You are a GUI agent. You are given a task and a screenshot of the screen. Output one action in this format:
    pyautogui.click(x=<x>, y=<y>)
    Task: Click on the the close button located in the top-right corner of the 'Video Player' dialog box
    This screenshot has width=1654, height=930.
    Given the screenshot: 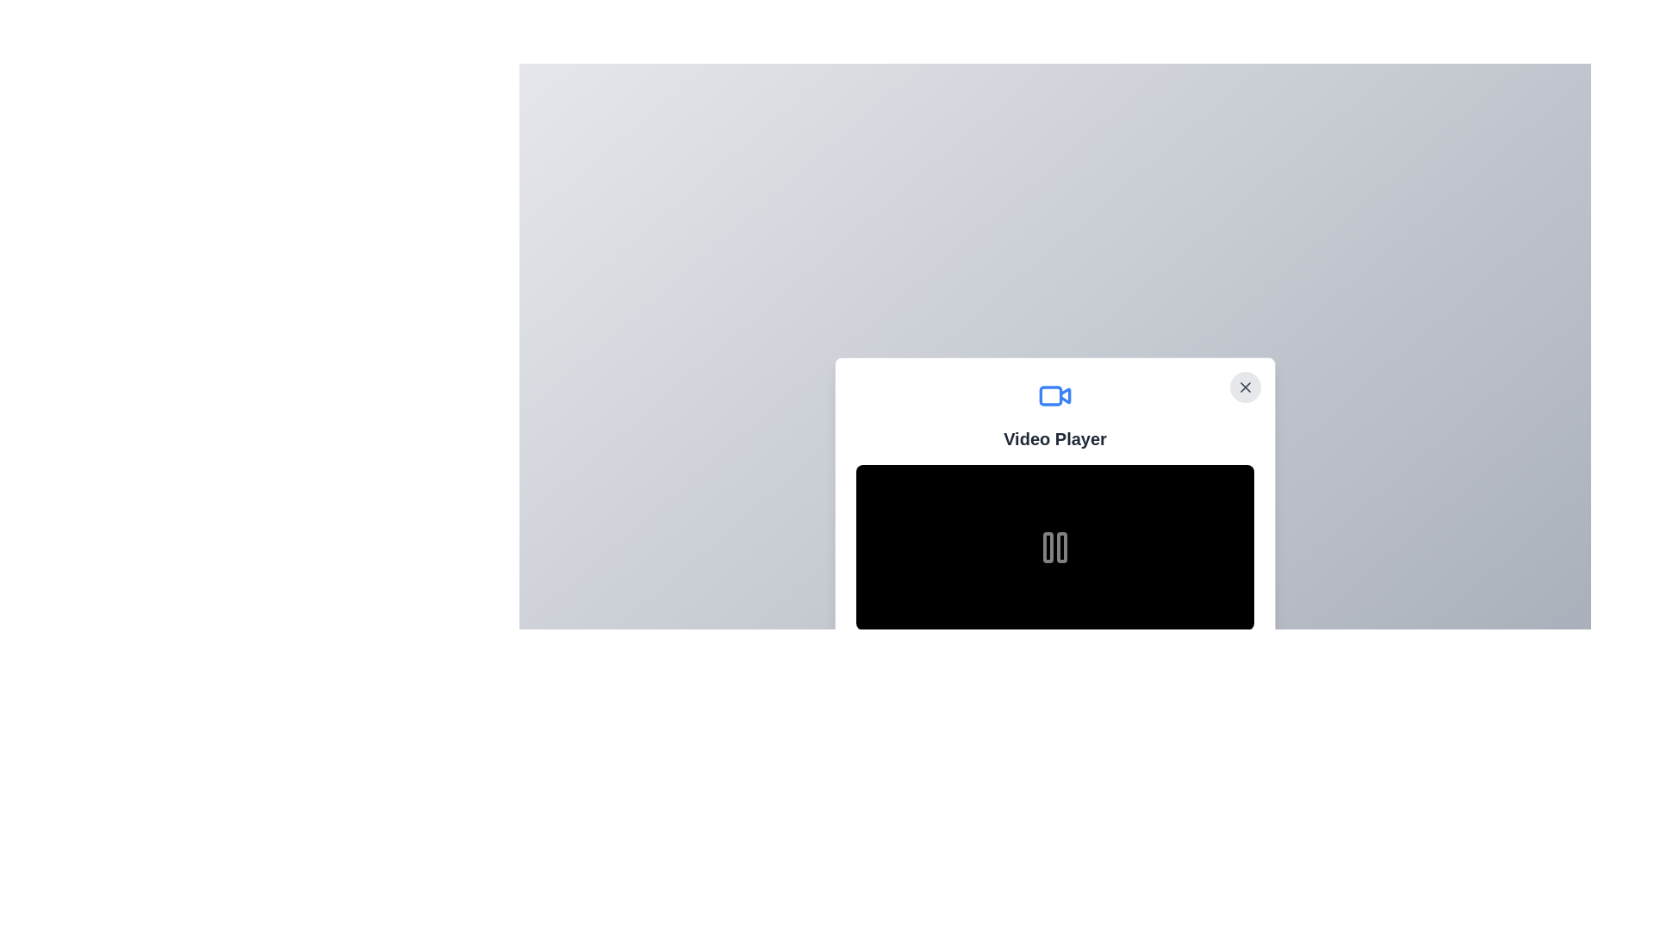 What is the action you would take?
    pyautogui.click(x=1245, y=387)
    